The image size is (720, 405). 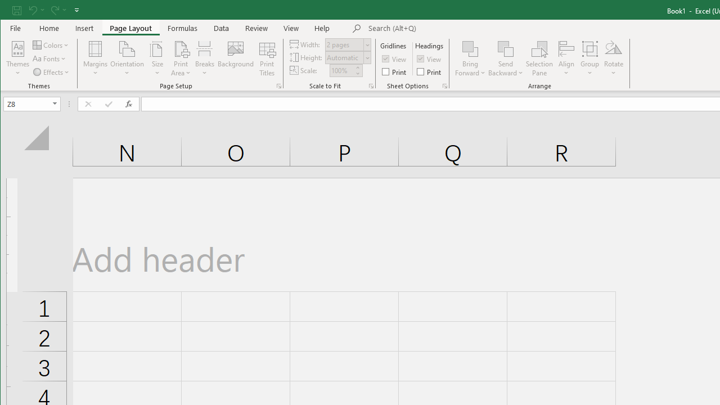 I want to click on 'Colors', so click(x=51, y=44).